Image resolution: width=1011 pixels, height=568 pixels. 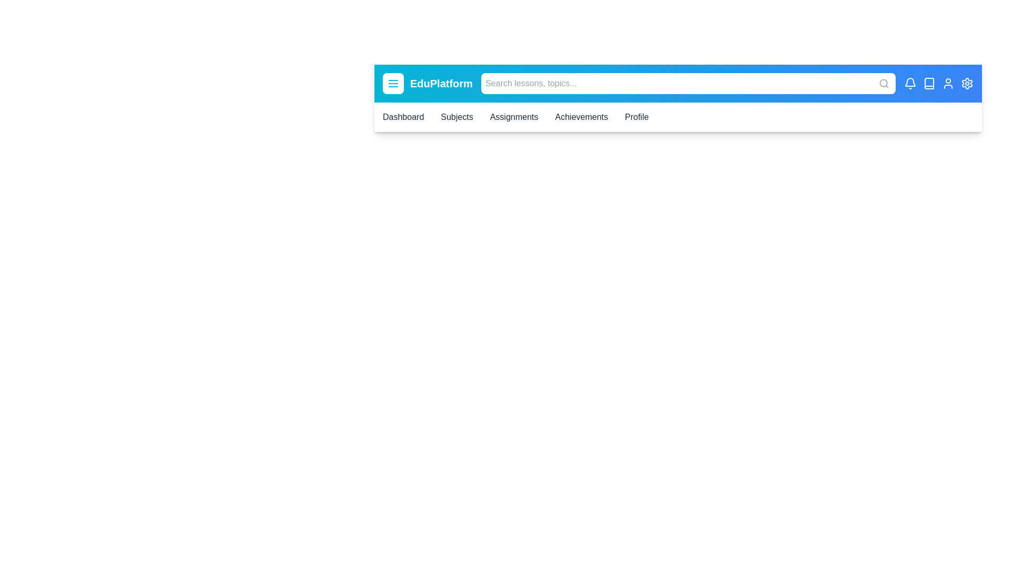 I want to click on the element notification_icon to reveal its hover effect, so click(x=909, y=83).